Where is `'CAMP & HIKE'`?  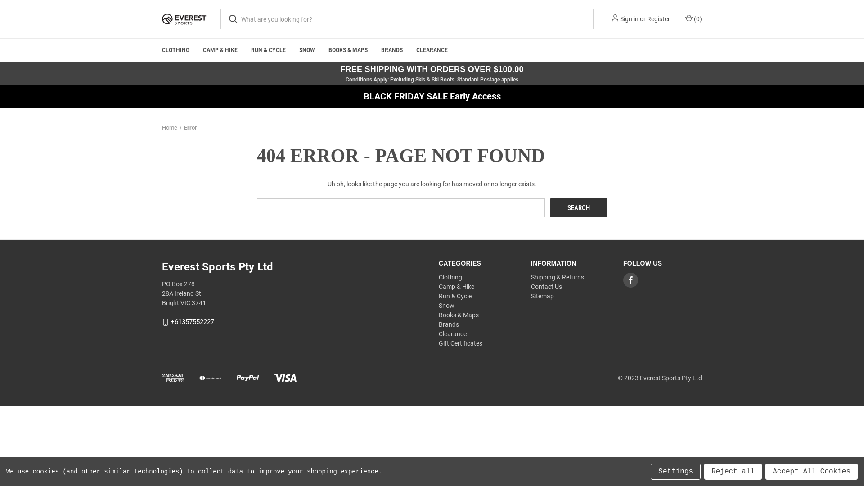 'CAMP & HIKE' is located at coordinates (220, 50).